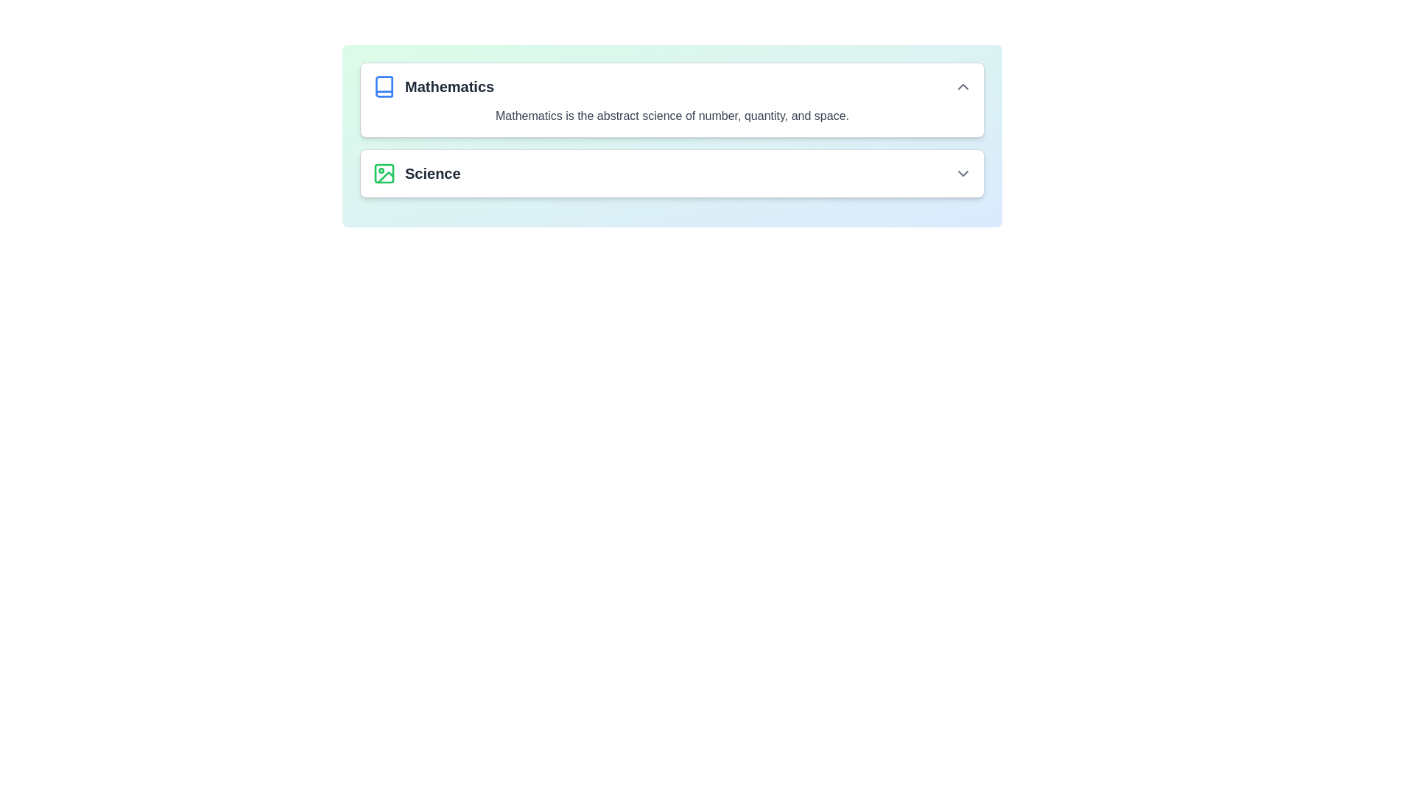  I want to click on the text label providing descriptive information about the 'Mathematics' section, located directly underneath the title 'Mathematics', so click(671, 116).